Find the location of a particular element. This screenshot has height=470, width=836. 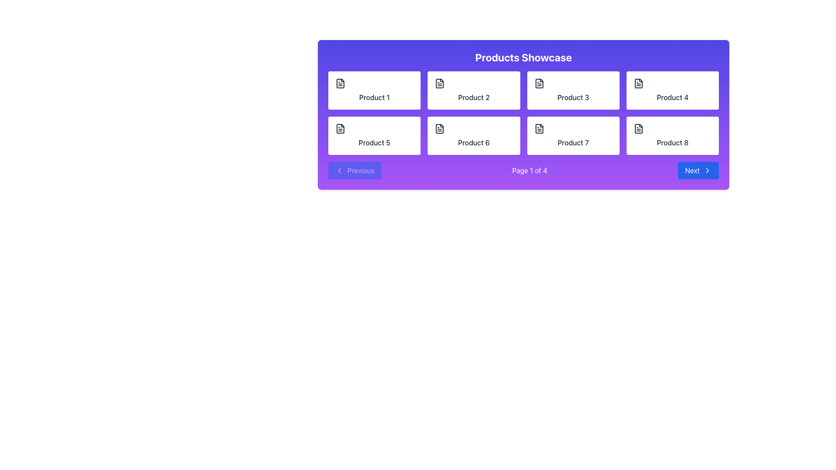

the 'Product 4' text label located in the top row and fourth column of the grid layout, situated at the lower portion of a white box with rounded edges is located at coordinates (672, 97).